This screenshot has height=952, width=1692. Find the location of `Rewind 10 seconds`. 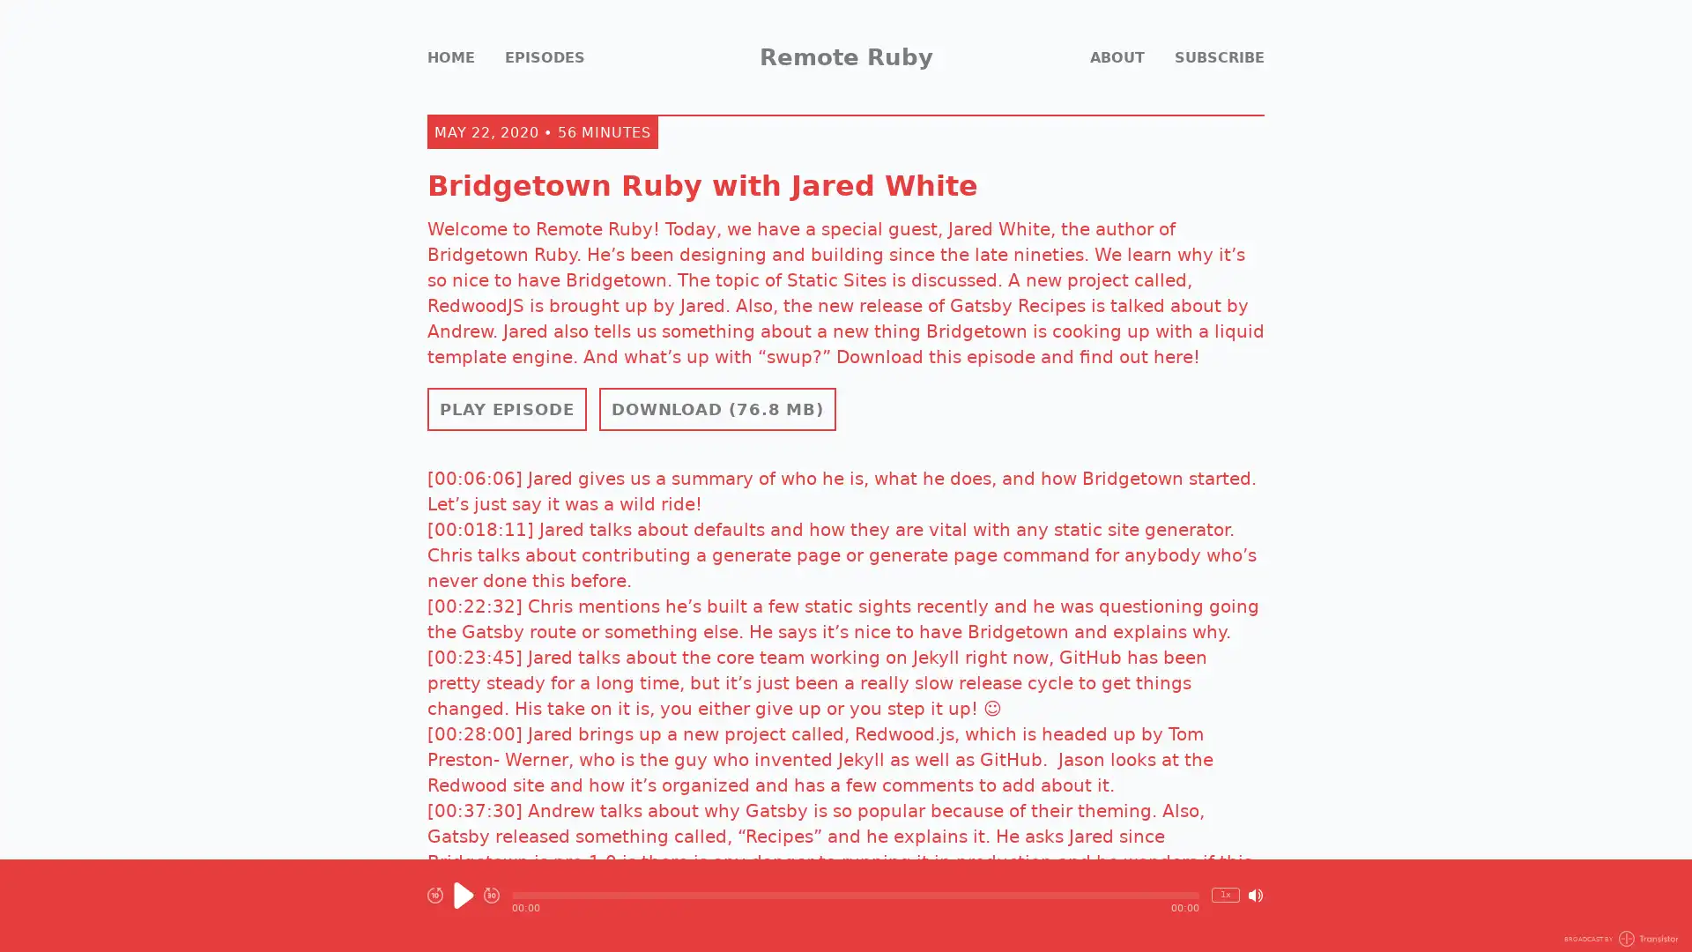

Rewind 10 seconds is located at coordinates (435, 895).